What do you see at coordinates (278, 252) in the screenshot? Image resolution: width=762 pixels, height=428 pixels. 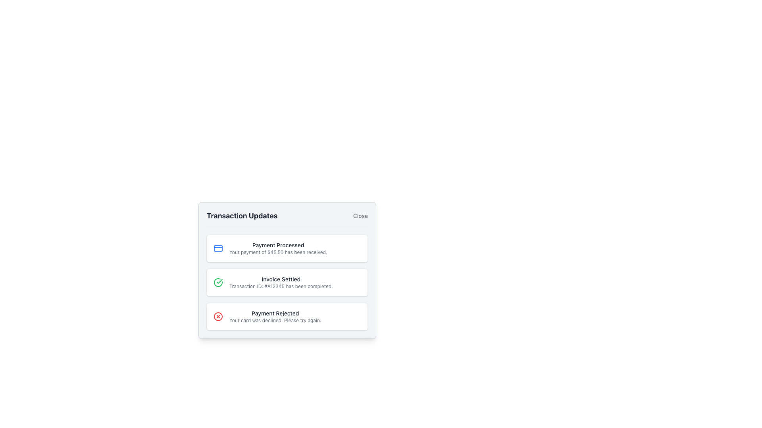 I see `the confirmation message text that indicates successful receipt of payment, located within the 'Payment Processed' card in the 'Transaction Updates' section` at bounding box center [278, 252].